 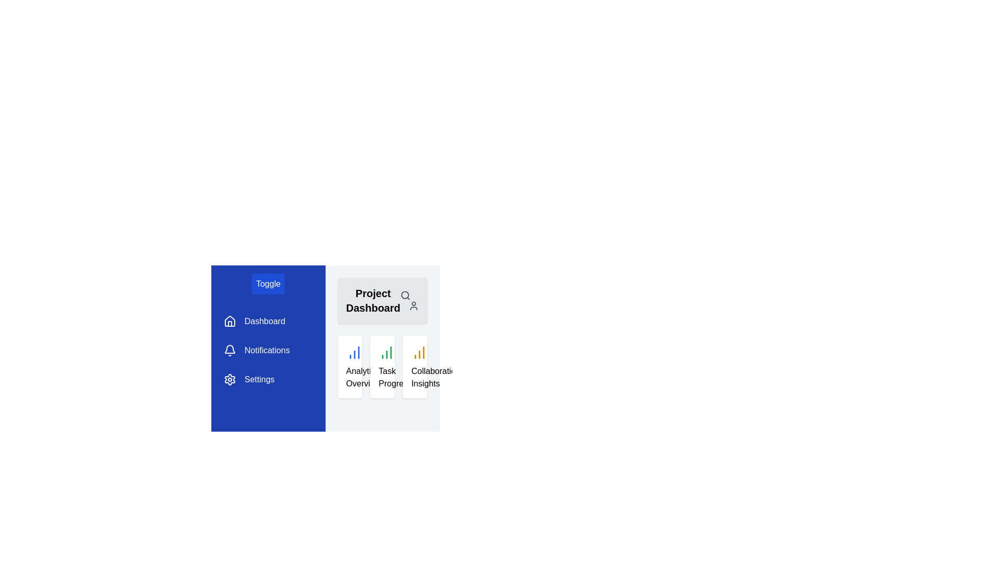 I want to click on the 'Task Progress' icon, which is centrally located in the second card of the horizontal row under the 'Project Dashboard' heading, so click(x=386, y=352).